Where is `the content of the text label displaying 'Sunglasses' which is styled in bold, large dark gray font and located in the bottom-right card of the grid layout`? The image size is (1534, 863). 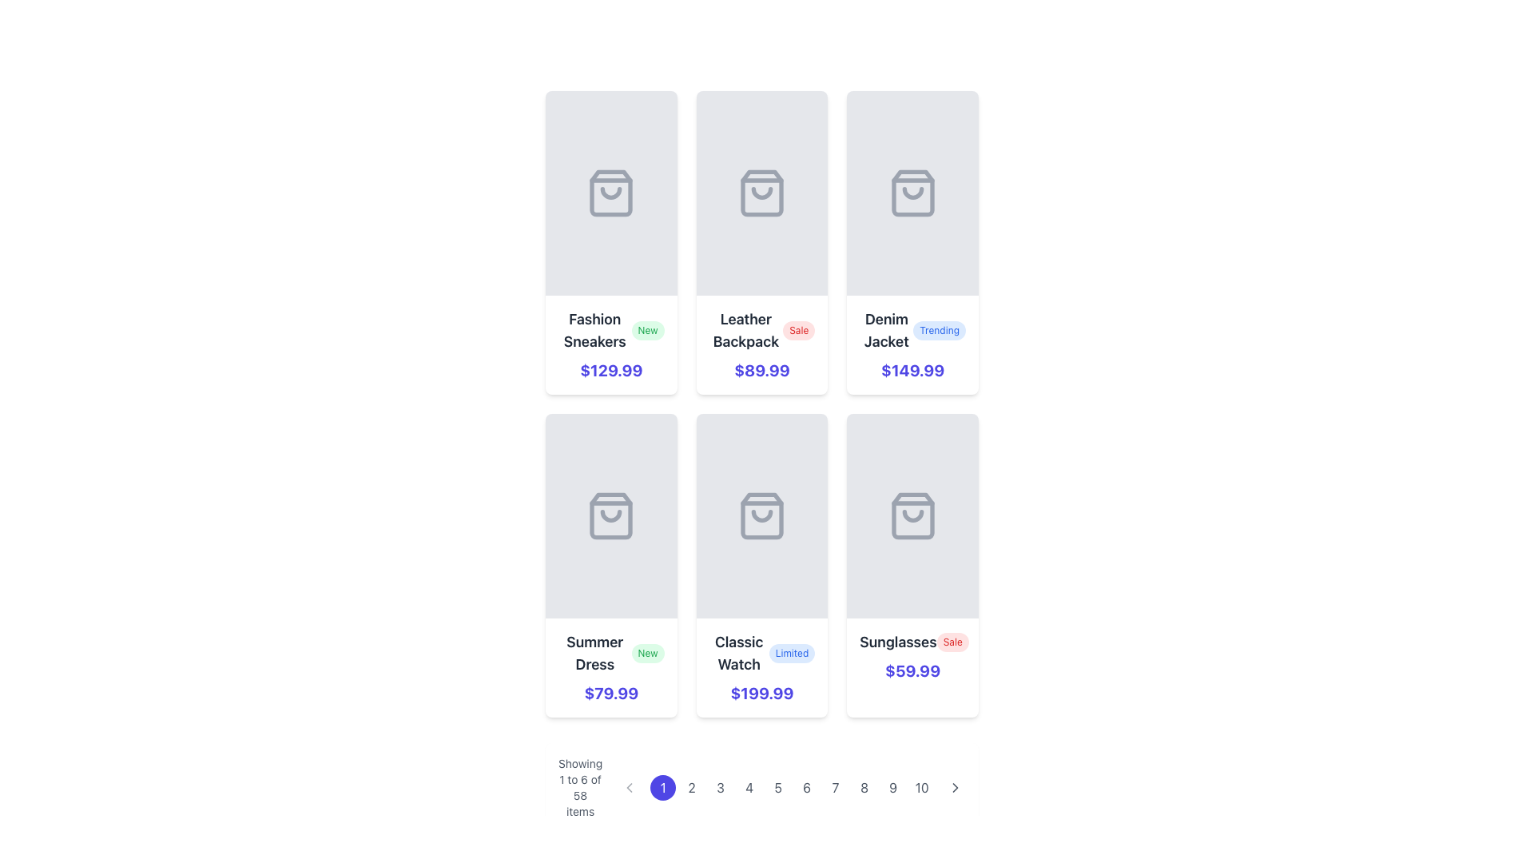 the content of the text label displaying 'Sunglasses' which is styled in bold, large dark gray font and located in the bottom-right card of the grid layout is located at coordinates (898, 641).